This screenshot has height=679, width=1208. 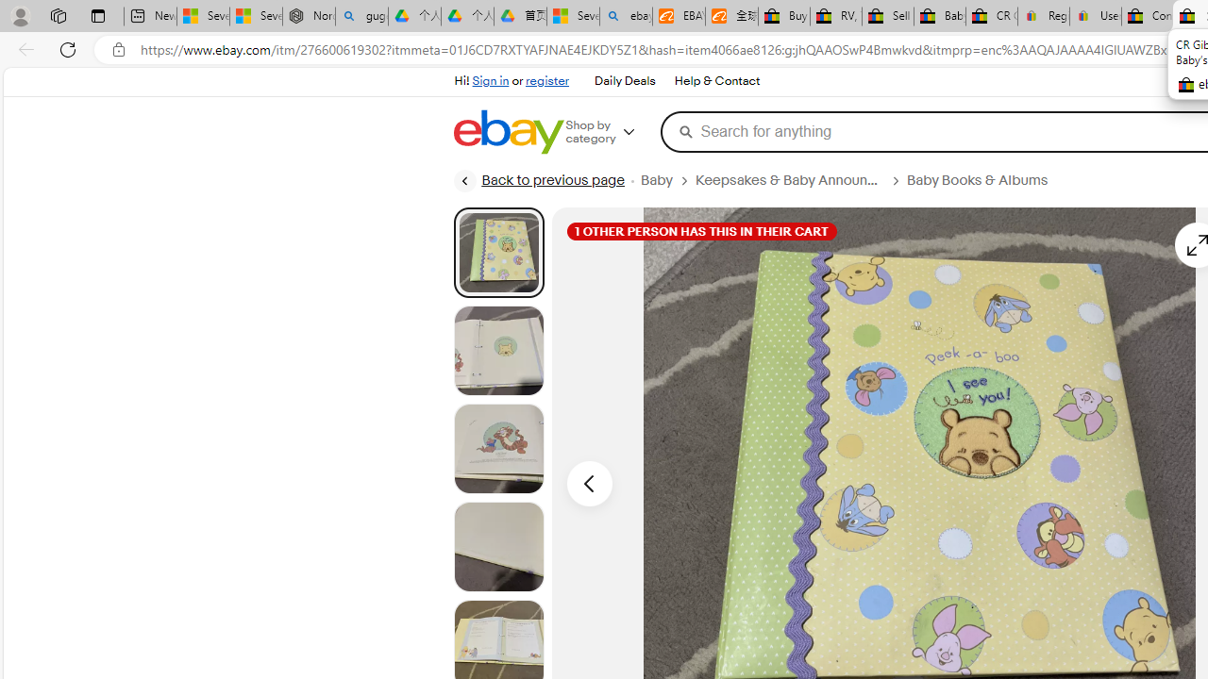 What do you see at coordinates (656, 180) in the screenshot?
I see `'Baby'` at bounding box center [656, 180].